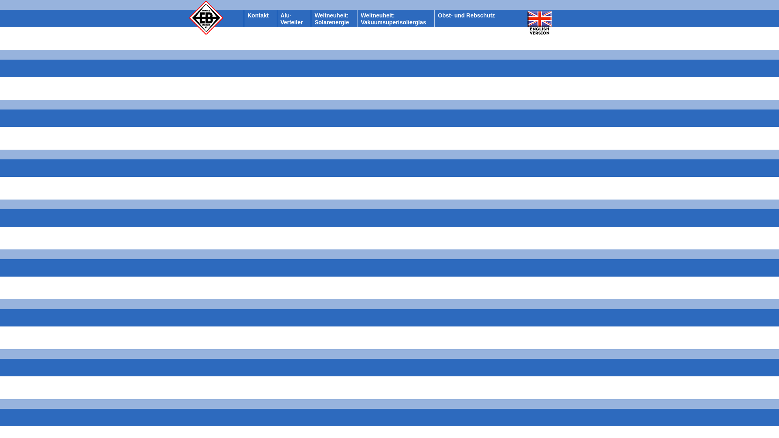 Image resolution: width=779 pixels, height=438 pixels. What do you see at coordinates (466, 15) in the screenshot?
I see `'Obst- und Rebschutz'` at bounding box center [466, 15].